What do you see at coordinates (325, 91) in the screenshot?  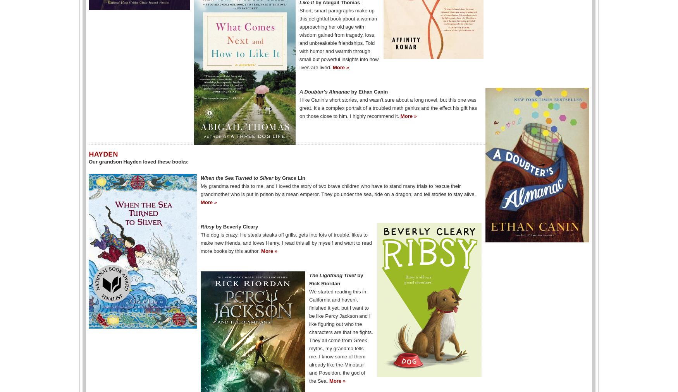 I see `'A Doubter's Almanac'` at bounding box center [325, 91].